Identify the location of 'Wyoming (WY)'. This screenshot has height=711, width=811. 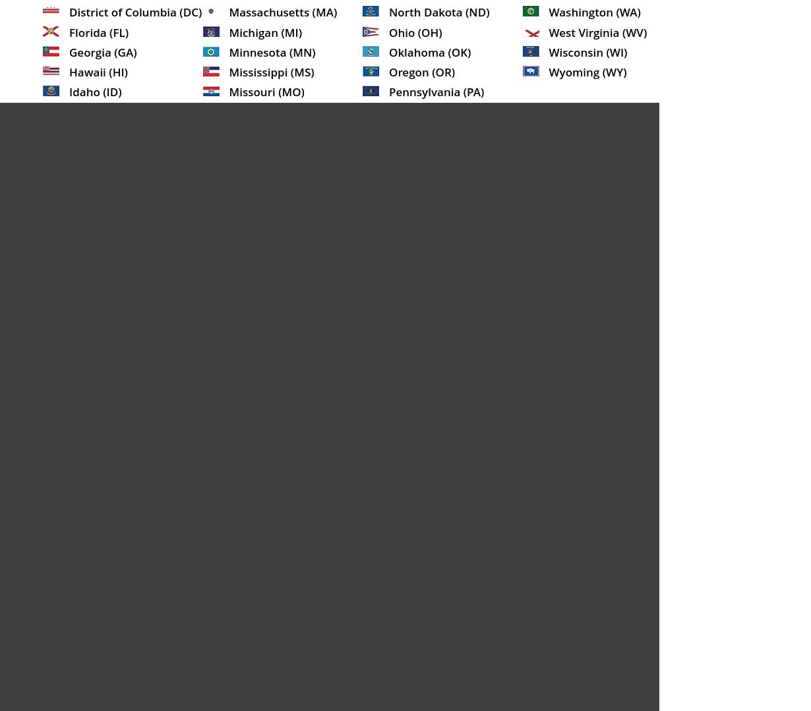
(587, 71).